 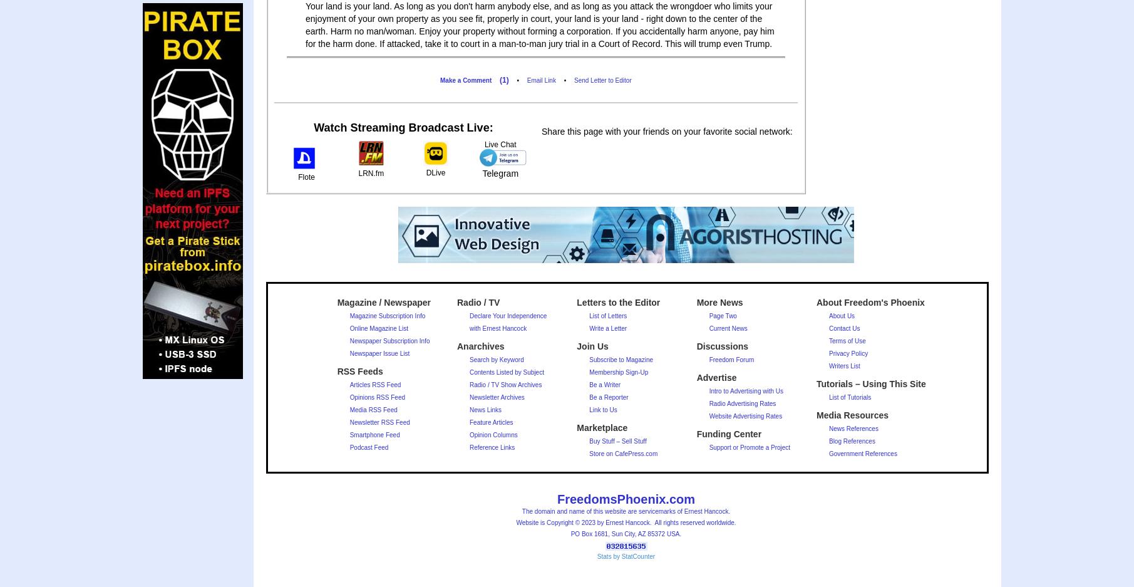 I want to click on 'Blog References', so click(x=851, y=441).